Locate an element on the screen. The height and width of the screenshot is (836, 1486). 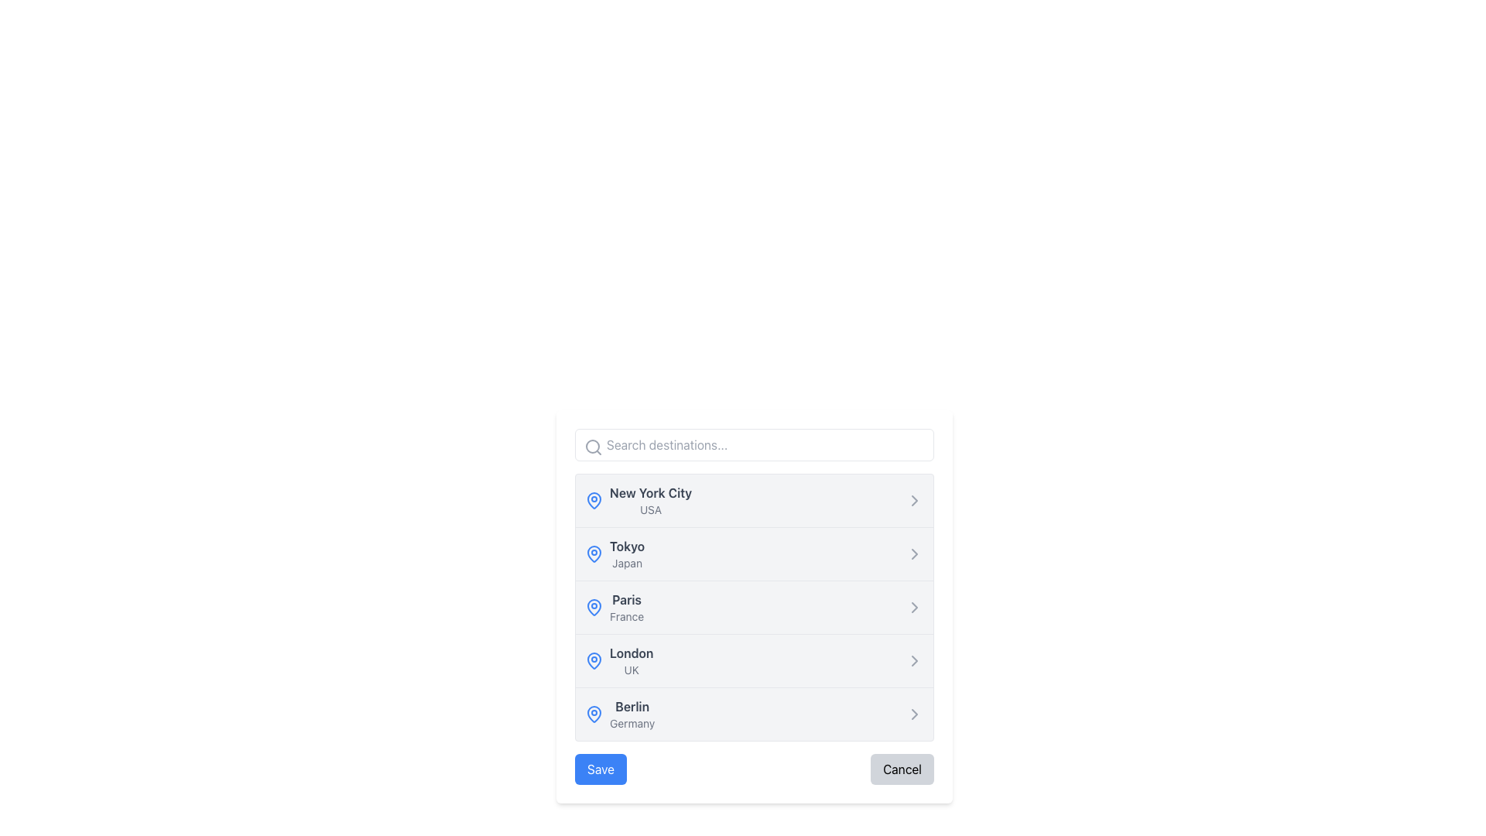
the list entry marked as 'Paris, France' is located at coordinates (754, 605).